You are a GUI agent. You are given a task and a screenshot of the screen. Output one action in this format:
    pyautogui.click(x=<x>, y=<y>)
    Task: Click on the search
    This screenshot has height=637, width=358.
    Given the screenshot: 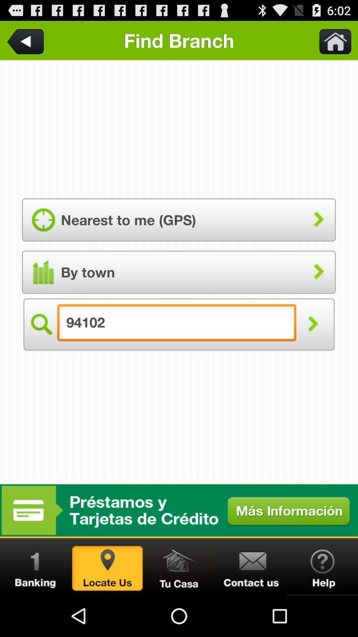 What is the action you would take?
    pyautogui.click(x=313, y=324)
    